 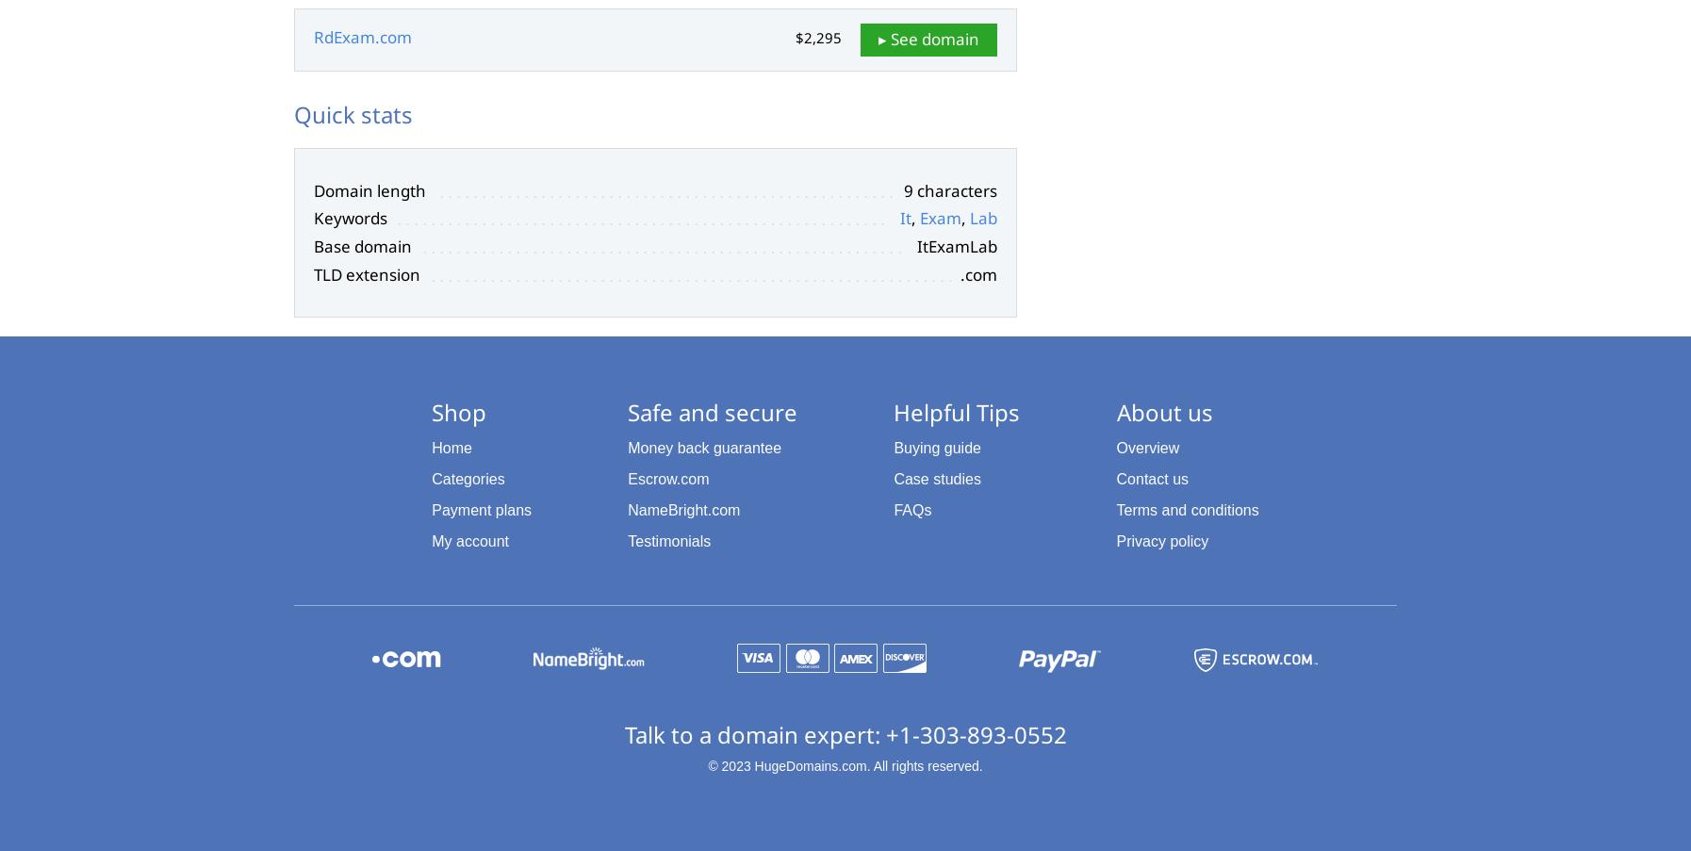 I want to click on 'Terms and conditions', so click(x=1115, y=508).